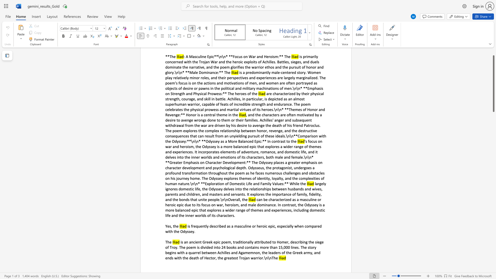 The height and width of the screenshot is (279, 496). Describe the element at coordinates (493, 83) in the screenshot. I see `the scrollbar and move up 50 pixels` at that location.